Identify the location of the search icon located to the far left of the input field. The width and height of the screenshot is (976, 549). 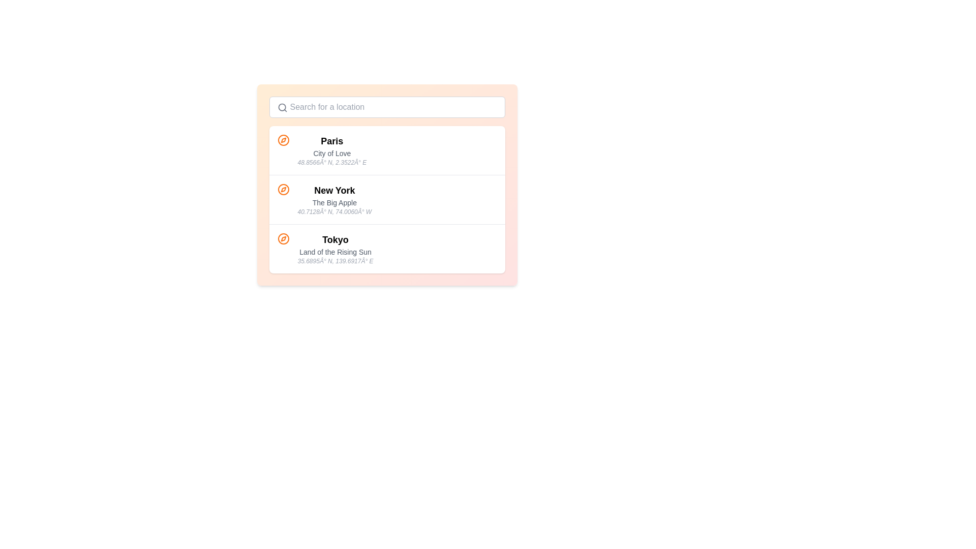
(282, 108).